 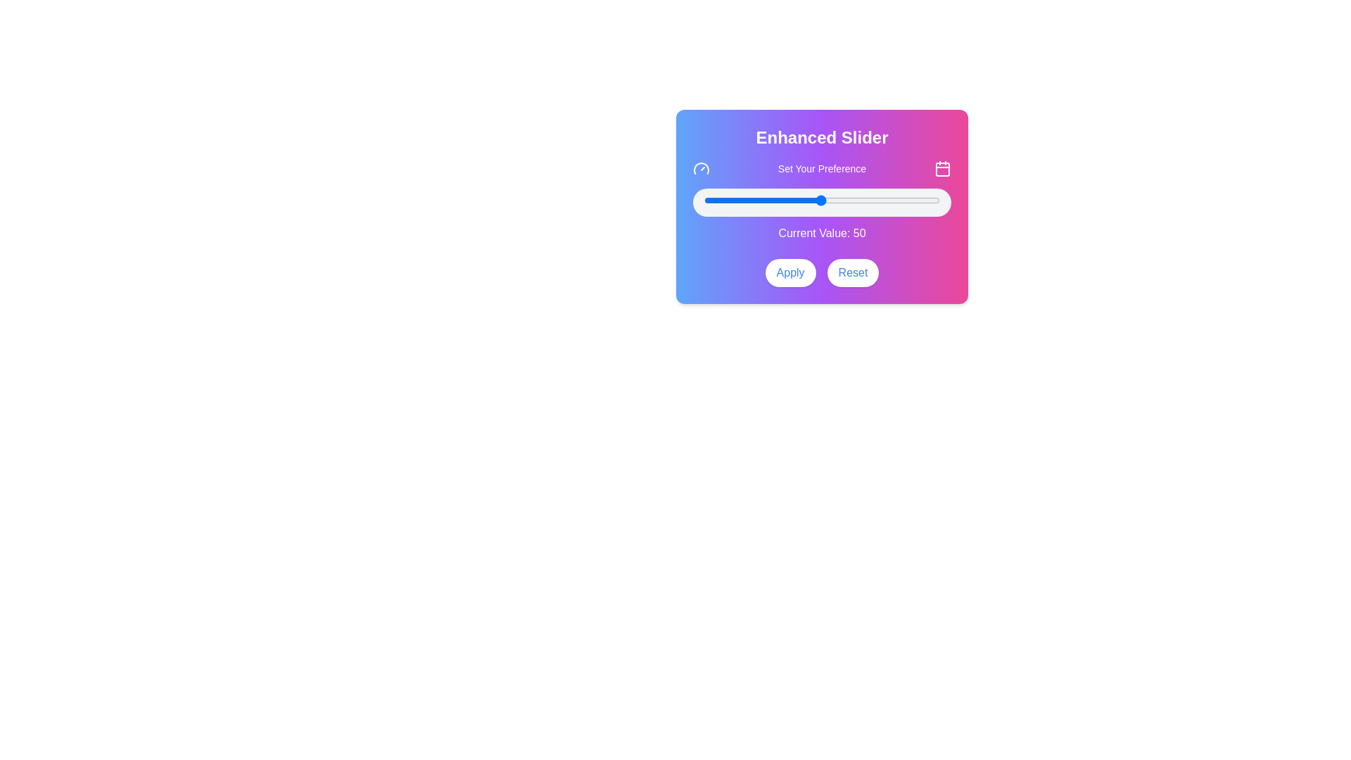 I want to click on the slider, so click(x=858, y=201).